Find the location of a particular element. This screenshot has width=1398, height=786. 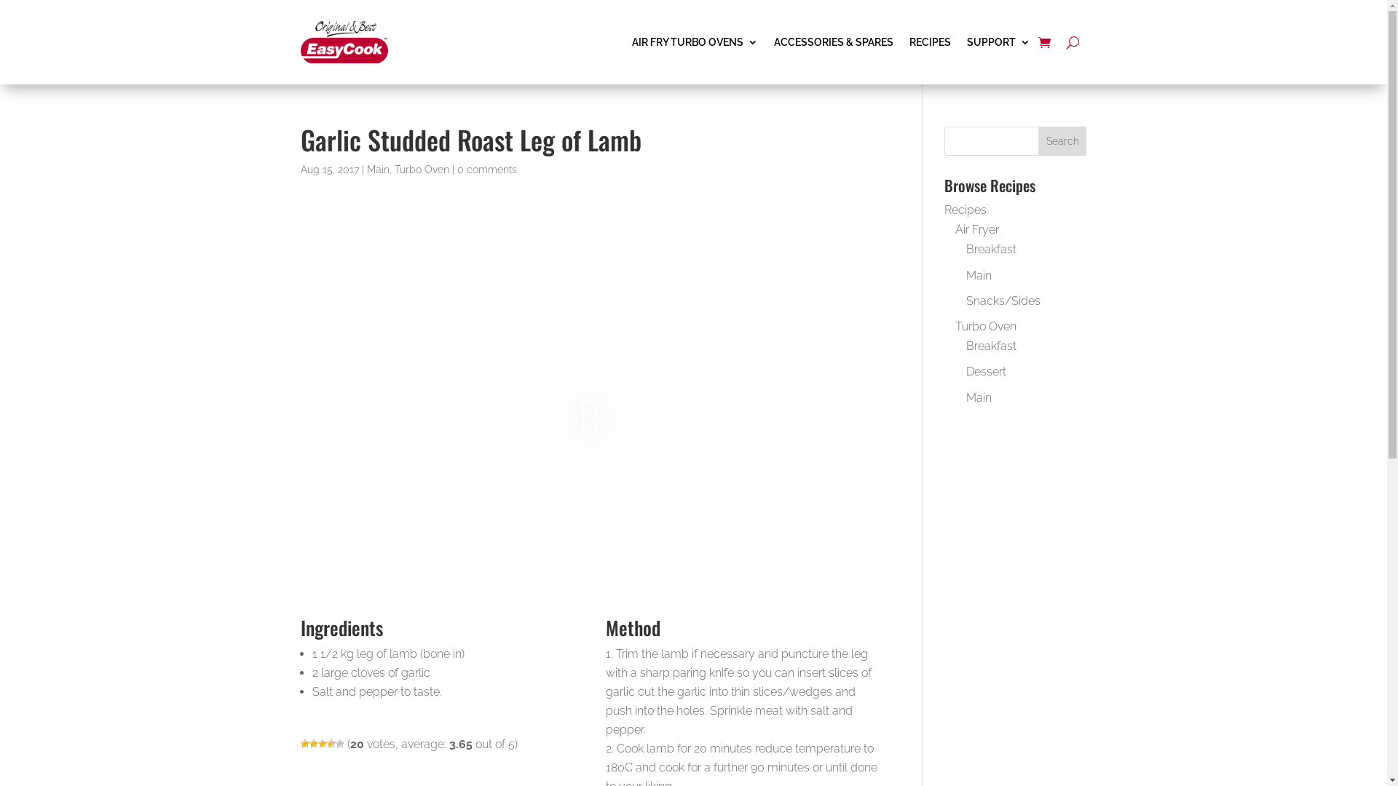

'SUPPORT' is located at coordinates (967, 41).